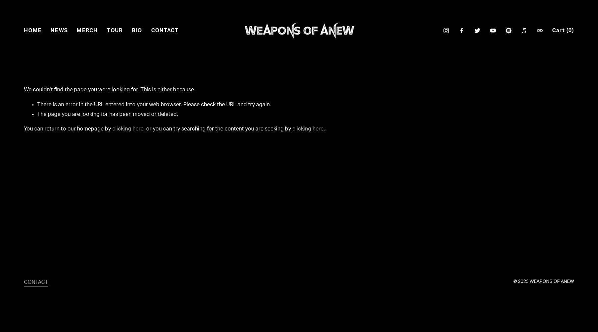  Describe the element at coordinates (154, 104) in the screenshot. I see `'There is an error in the URL entered into your web browser. Please check the URL and try again.'` at that location.